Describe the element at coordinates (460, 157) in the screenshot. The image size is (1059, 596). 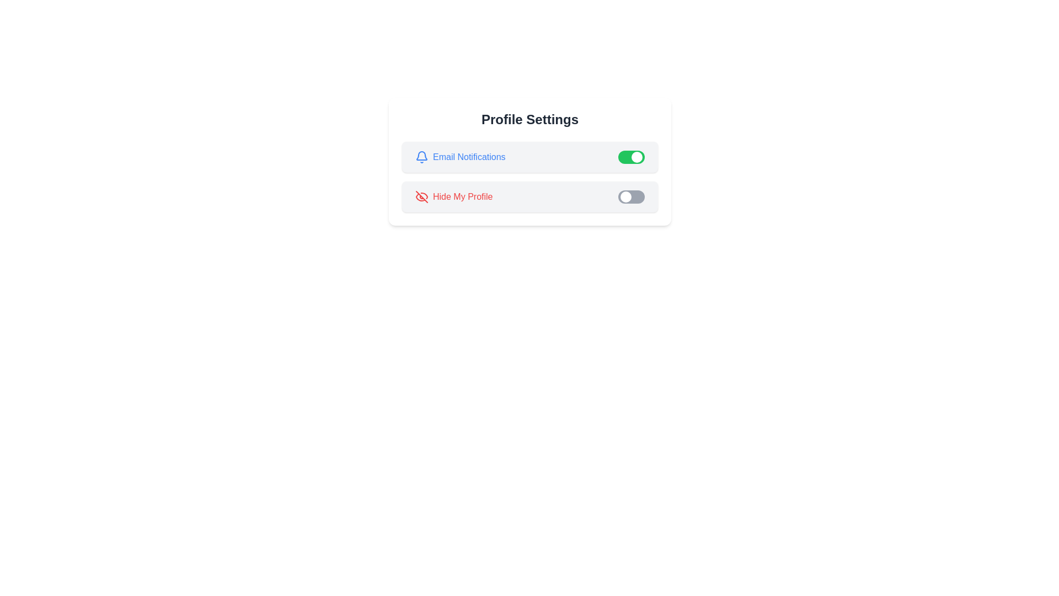
I see `label indicating the purpose of the toggle switch for email notifications, located on the left side of the settings panel` at that location.